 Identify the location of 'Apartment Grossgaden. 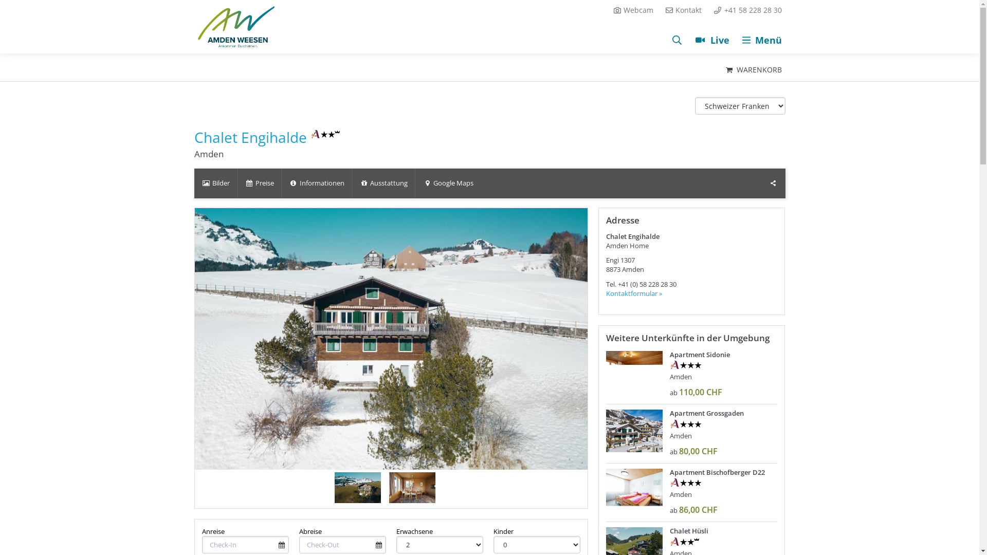
(691, 431).